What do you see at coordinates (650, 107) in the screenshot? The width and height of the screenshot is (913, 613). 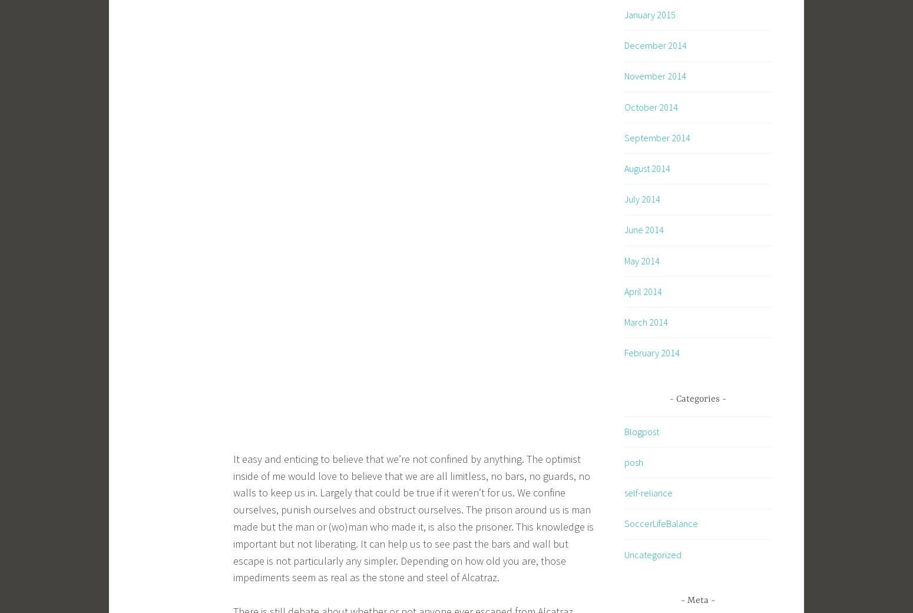 I see `'October 2014'` at bounding box center [650, 107].